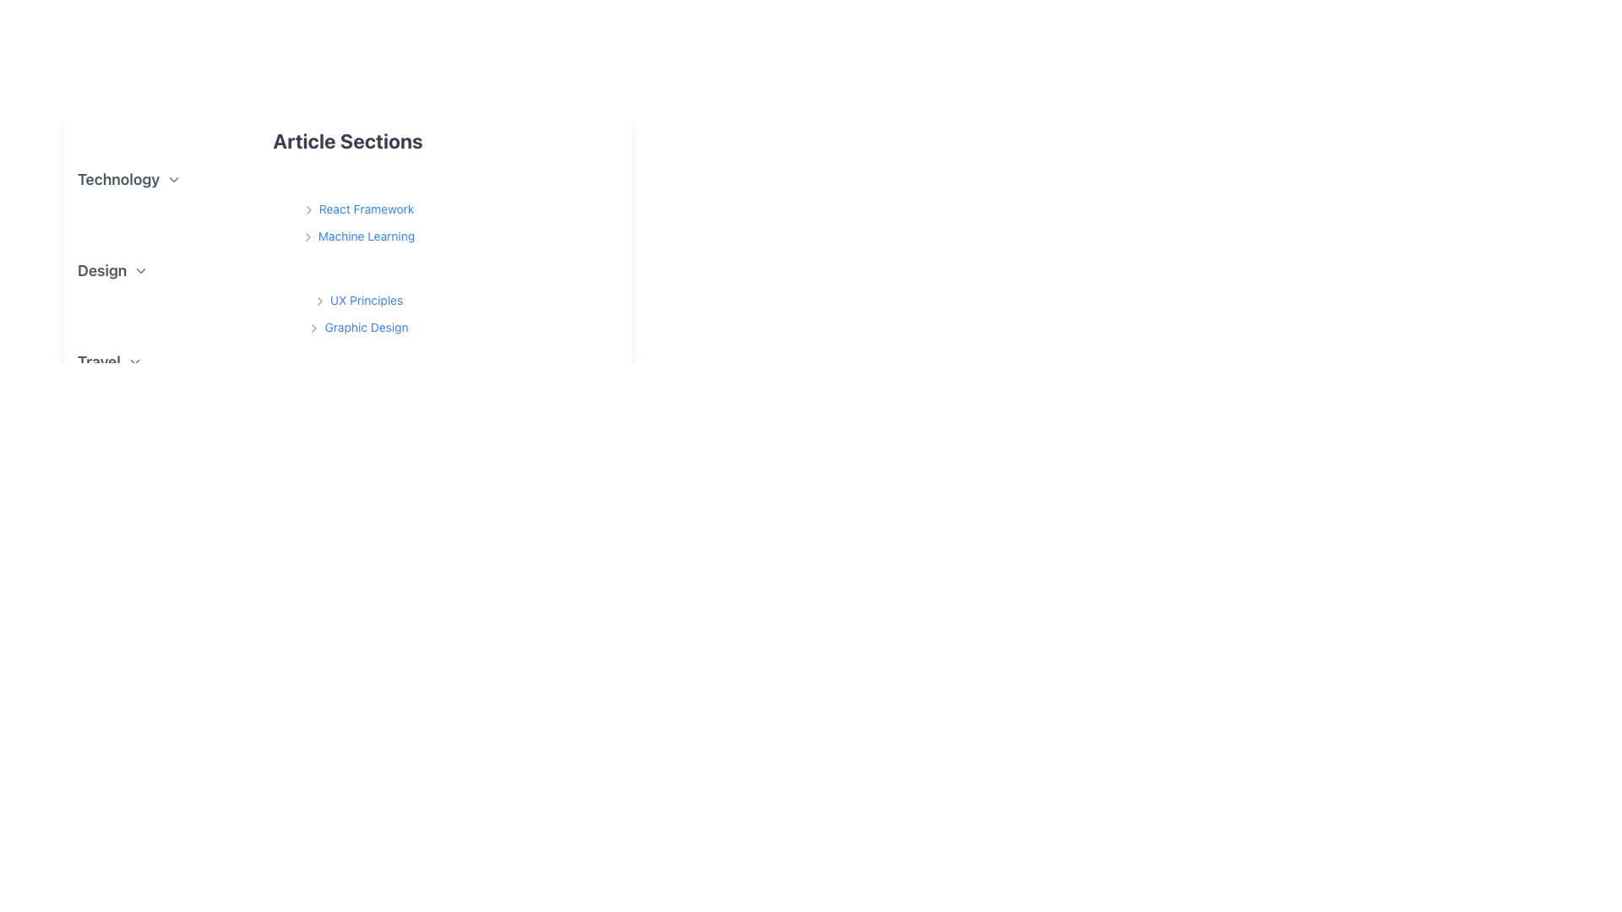 Image resolution: width=1622 pixels, height=912 pixels. I want to click on the downward-pointing gray chevron icon located to the right of the 'Travel' label, so click(133, 361).